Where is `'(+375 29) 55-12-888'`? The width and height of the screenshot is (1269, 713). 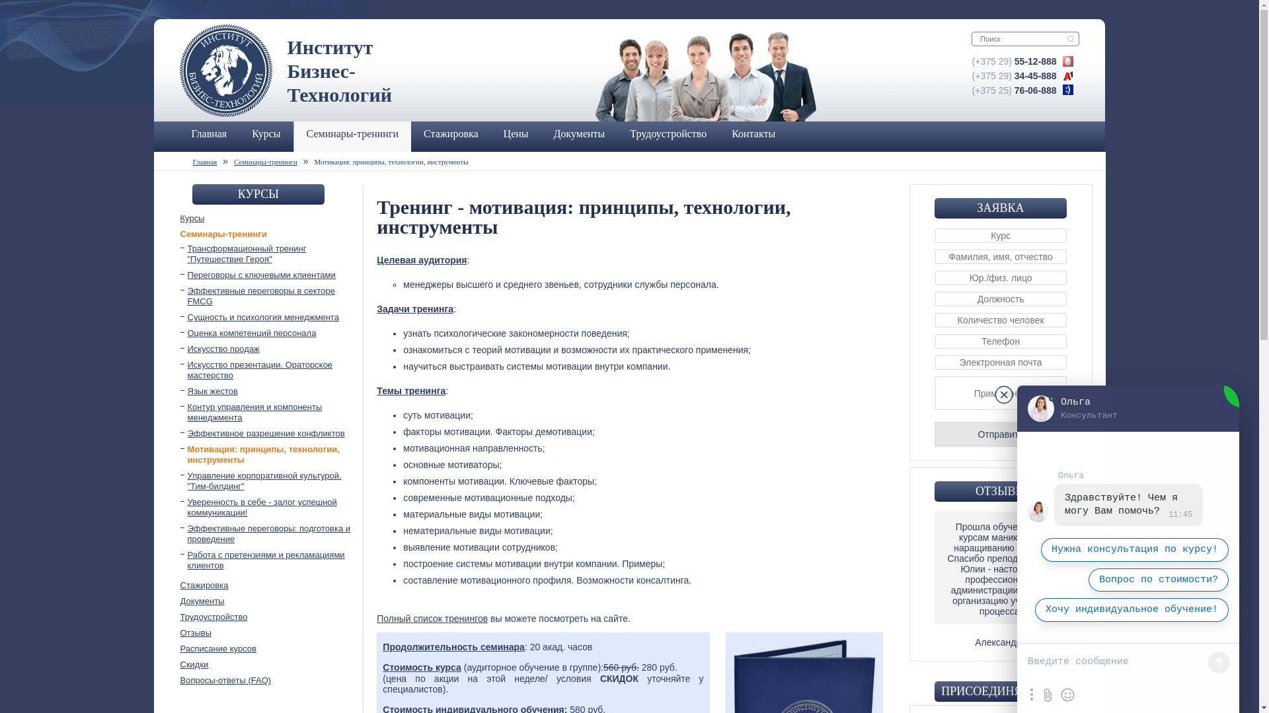
'(+375 29) 55-12-888' is located at coordinates (1014, 61).